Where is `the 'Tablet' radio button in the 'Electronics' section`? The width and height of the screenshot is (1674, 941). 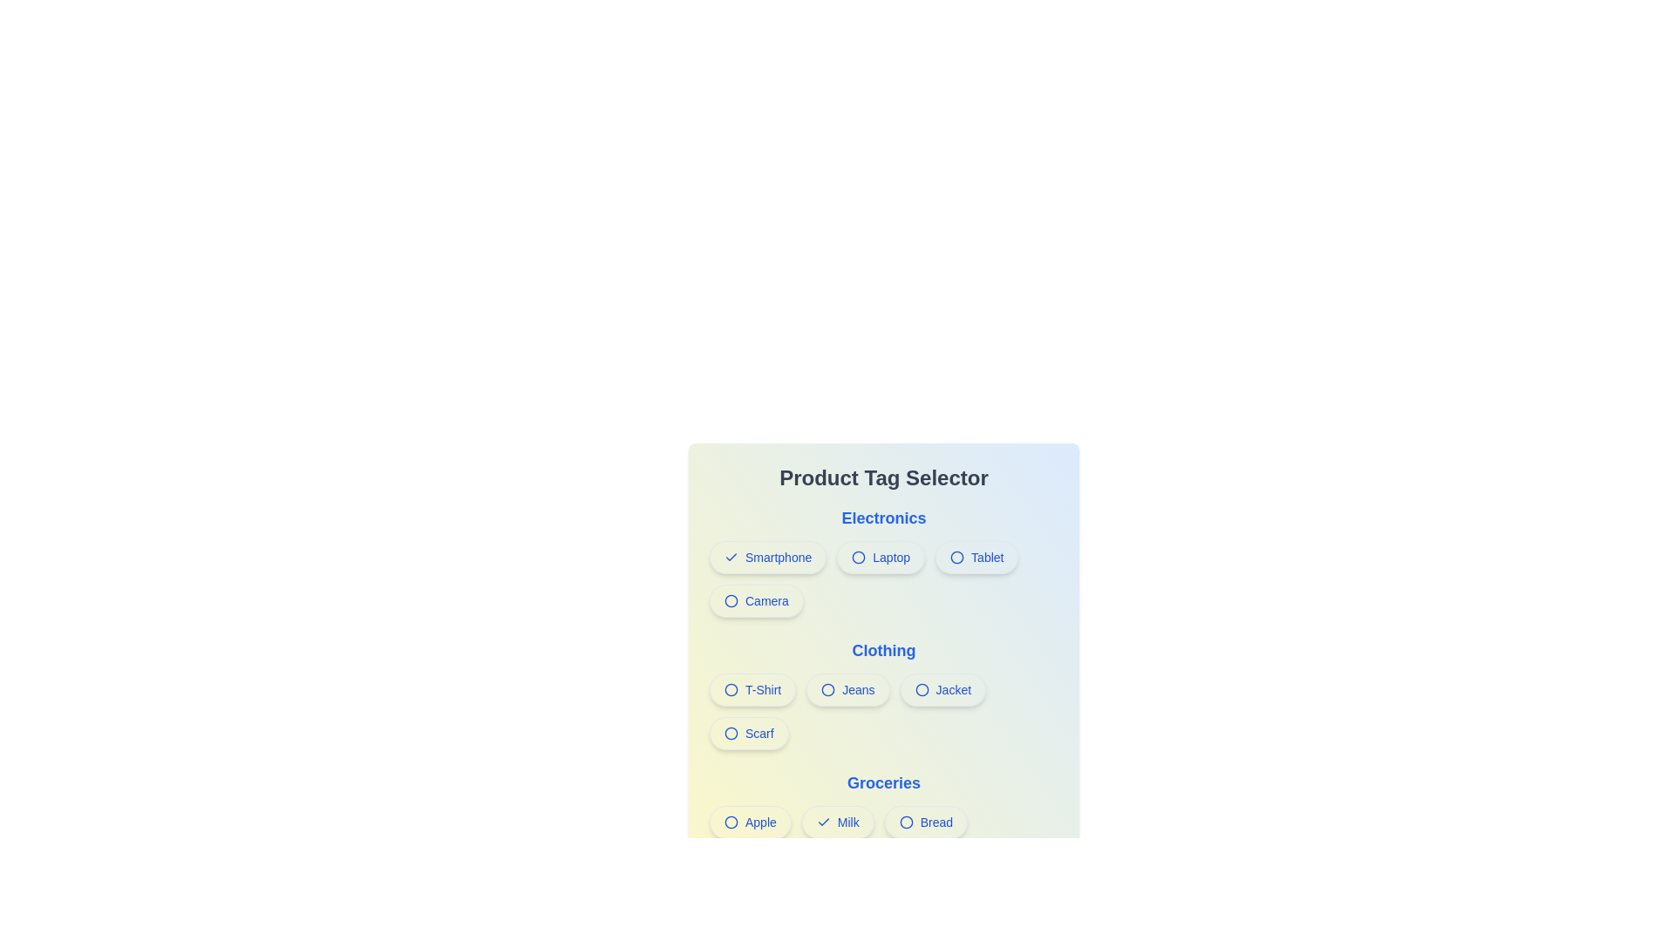
the 'Tablet' radio button in the 'Electronics' section is located at coordinates (956, 558).